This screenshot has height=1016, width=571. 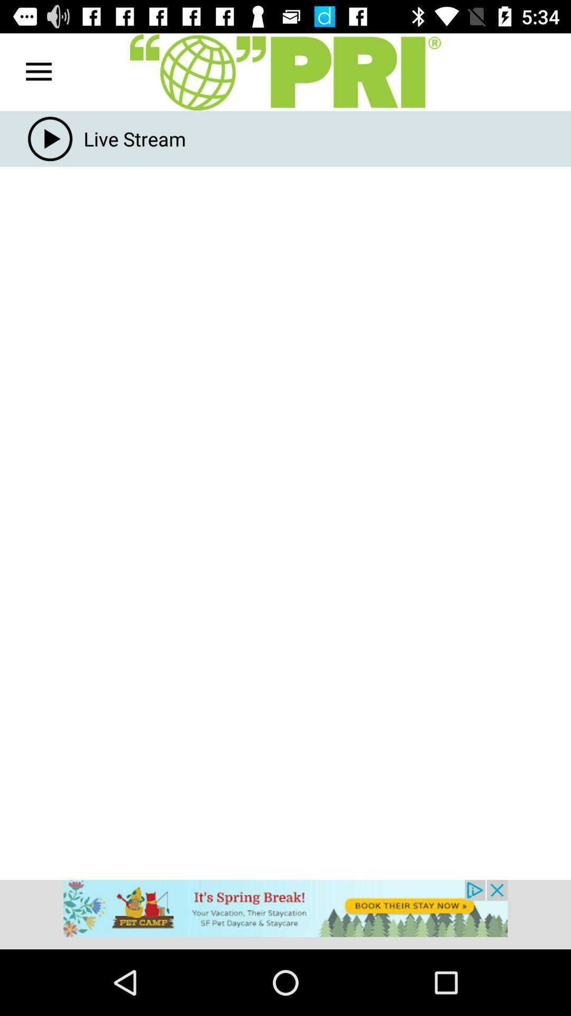 I want to click on the play icon, so click(x=50, y=138).